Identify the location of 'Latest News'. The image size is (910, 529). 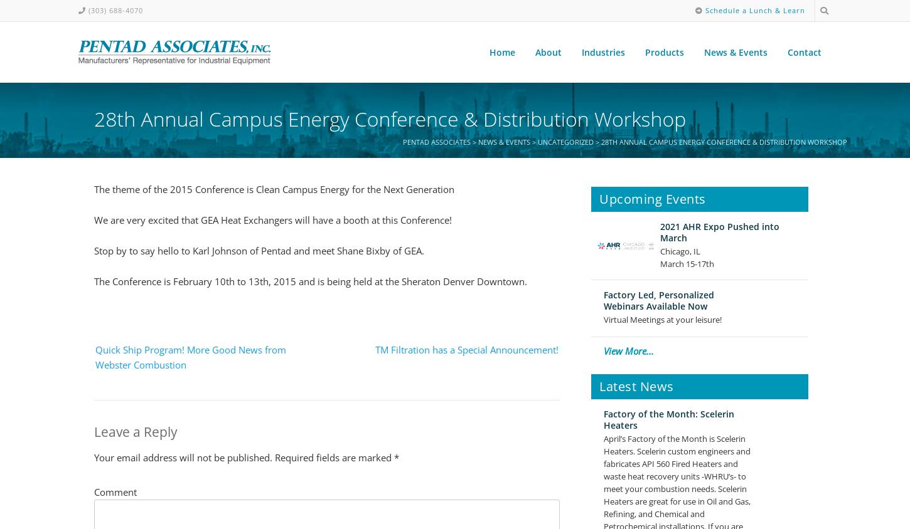
(598, 386).